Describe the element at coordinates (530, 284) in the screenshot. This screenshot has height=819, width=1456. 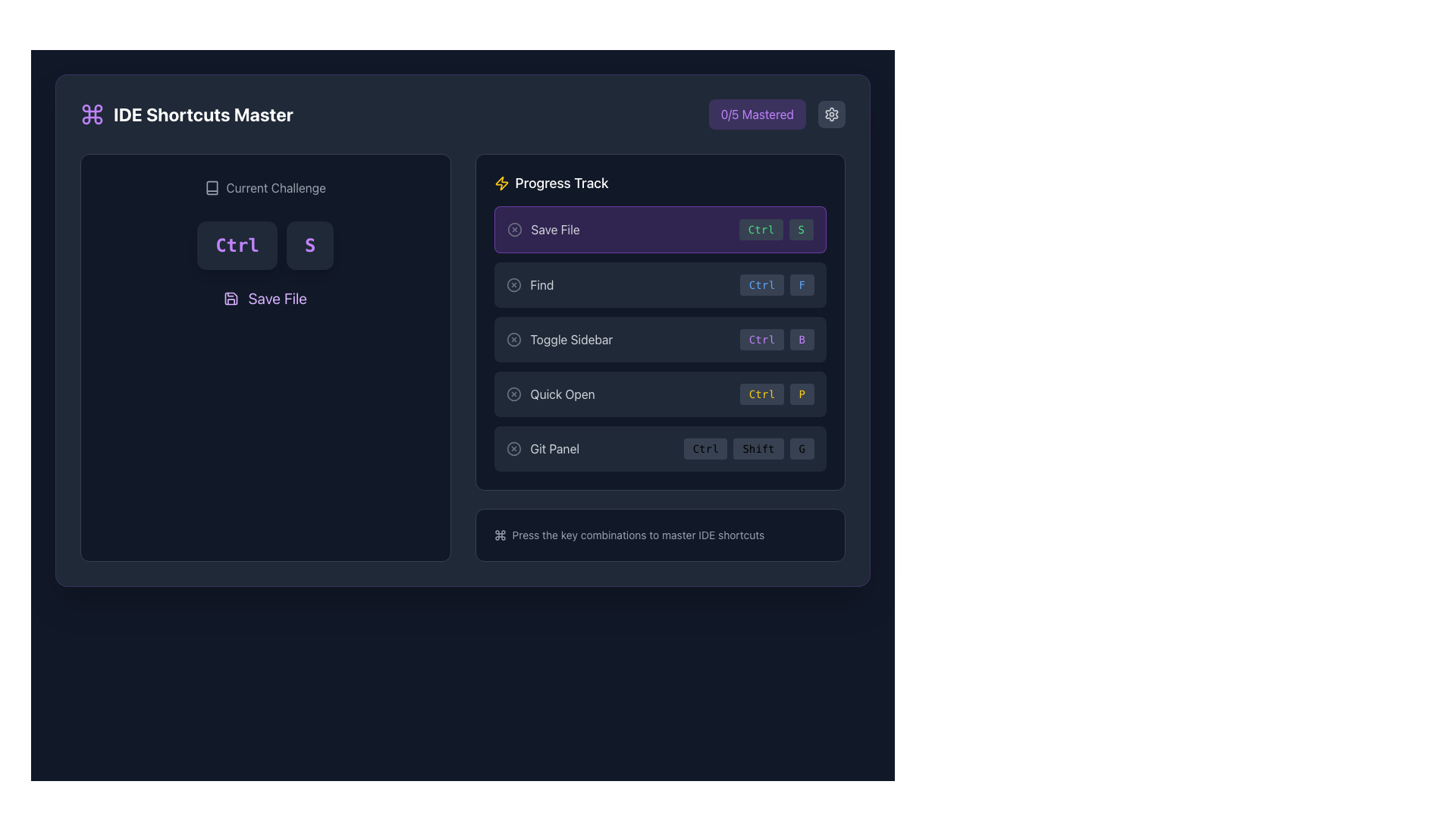
I see `the 'Find' label with the associated icon, which is styled in gray and located in the second row of the 'Progress Track' panel on the right side of the interface` at that location.